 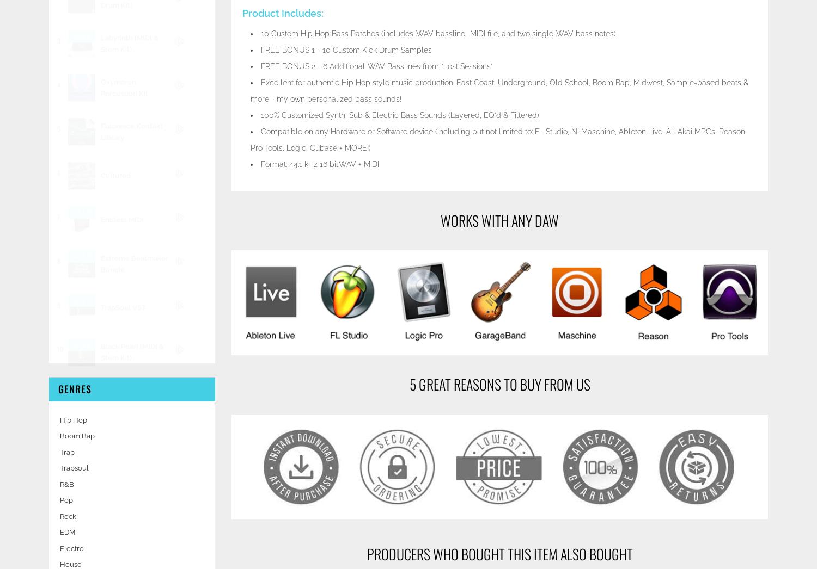 What do you see at coordinates (66, 452) in the screenshot?
I see `'Trap'` at bounding box center [66, 452].